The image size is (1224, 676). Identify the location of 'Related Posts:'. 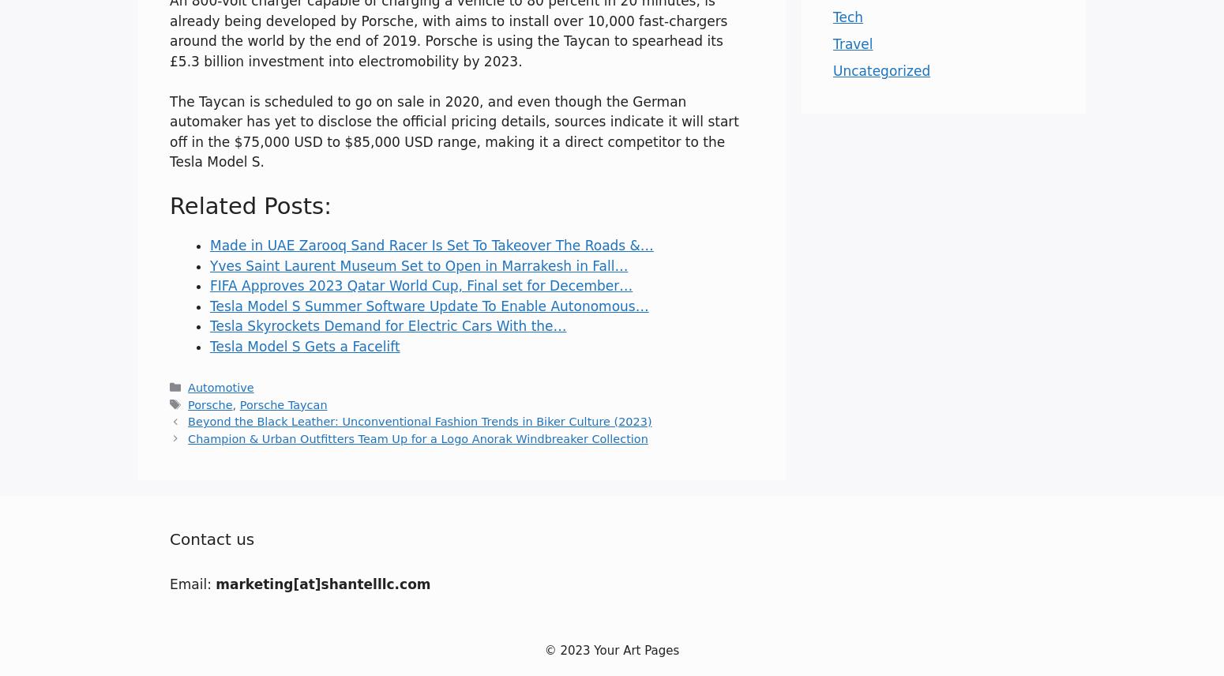
(168, 205).